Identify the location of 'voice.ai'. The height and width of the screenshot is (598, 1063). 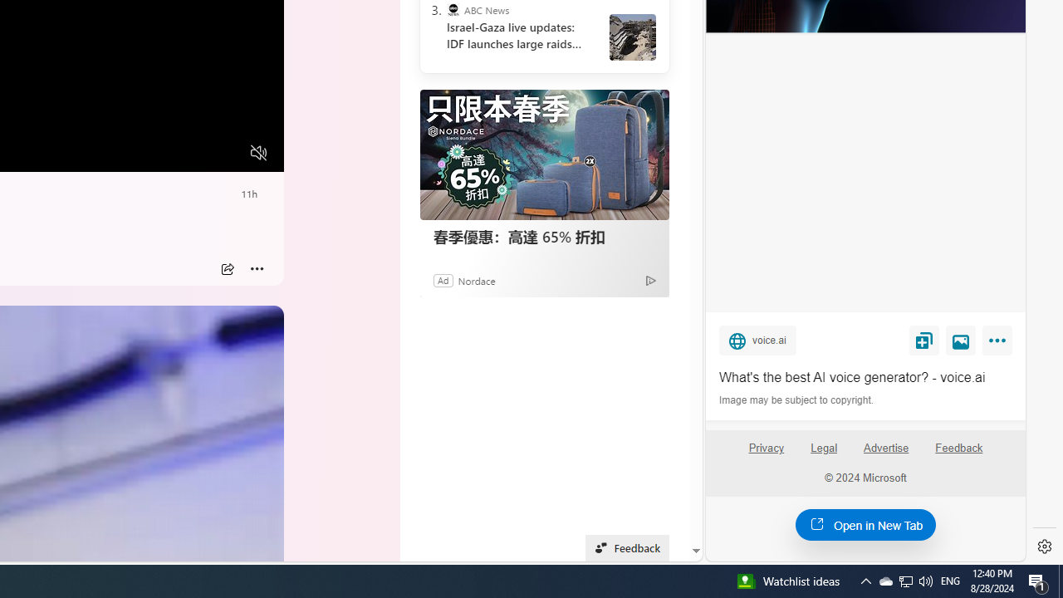
(757, 339).